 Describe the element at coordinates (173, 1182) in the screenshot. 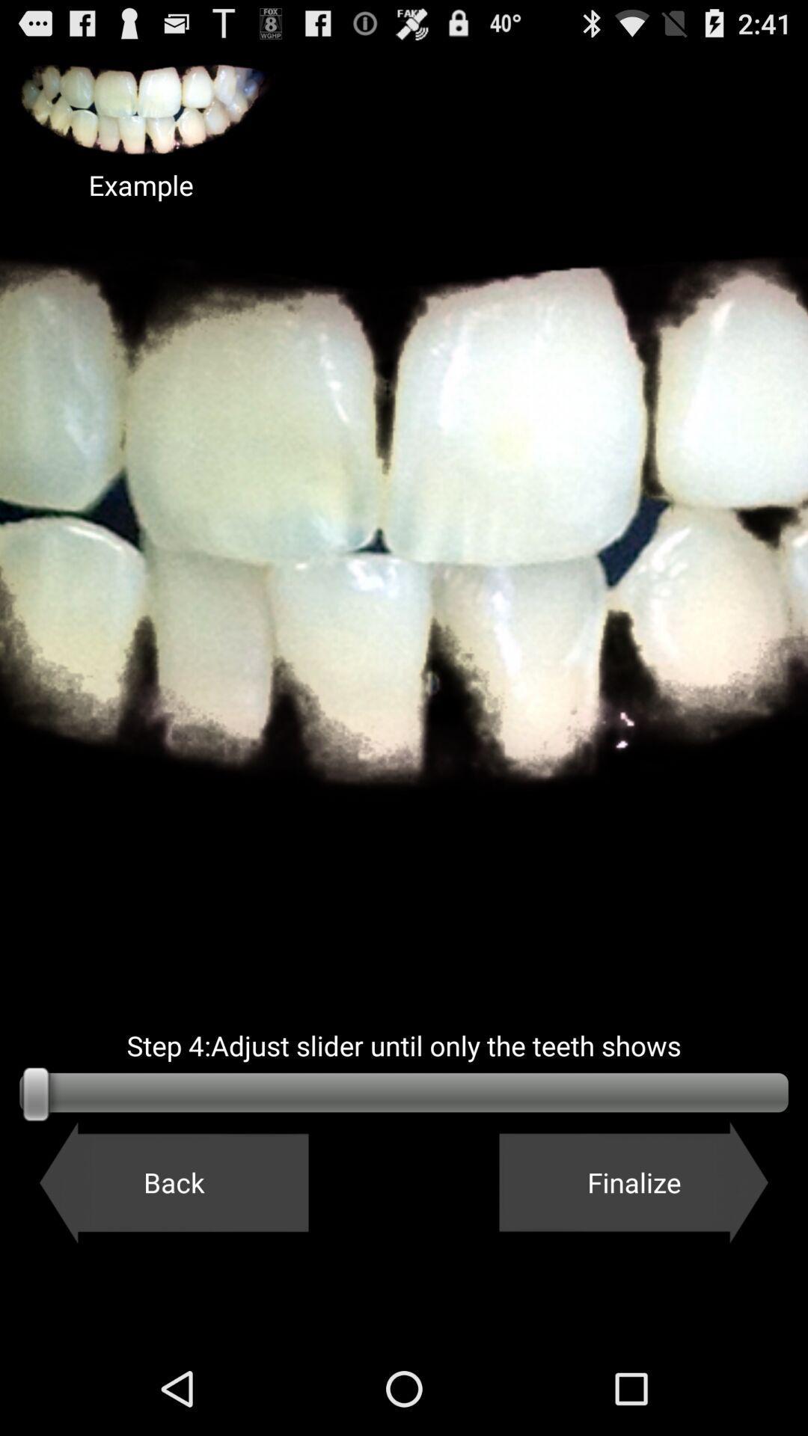

I see `back button` at that location.